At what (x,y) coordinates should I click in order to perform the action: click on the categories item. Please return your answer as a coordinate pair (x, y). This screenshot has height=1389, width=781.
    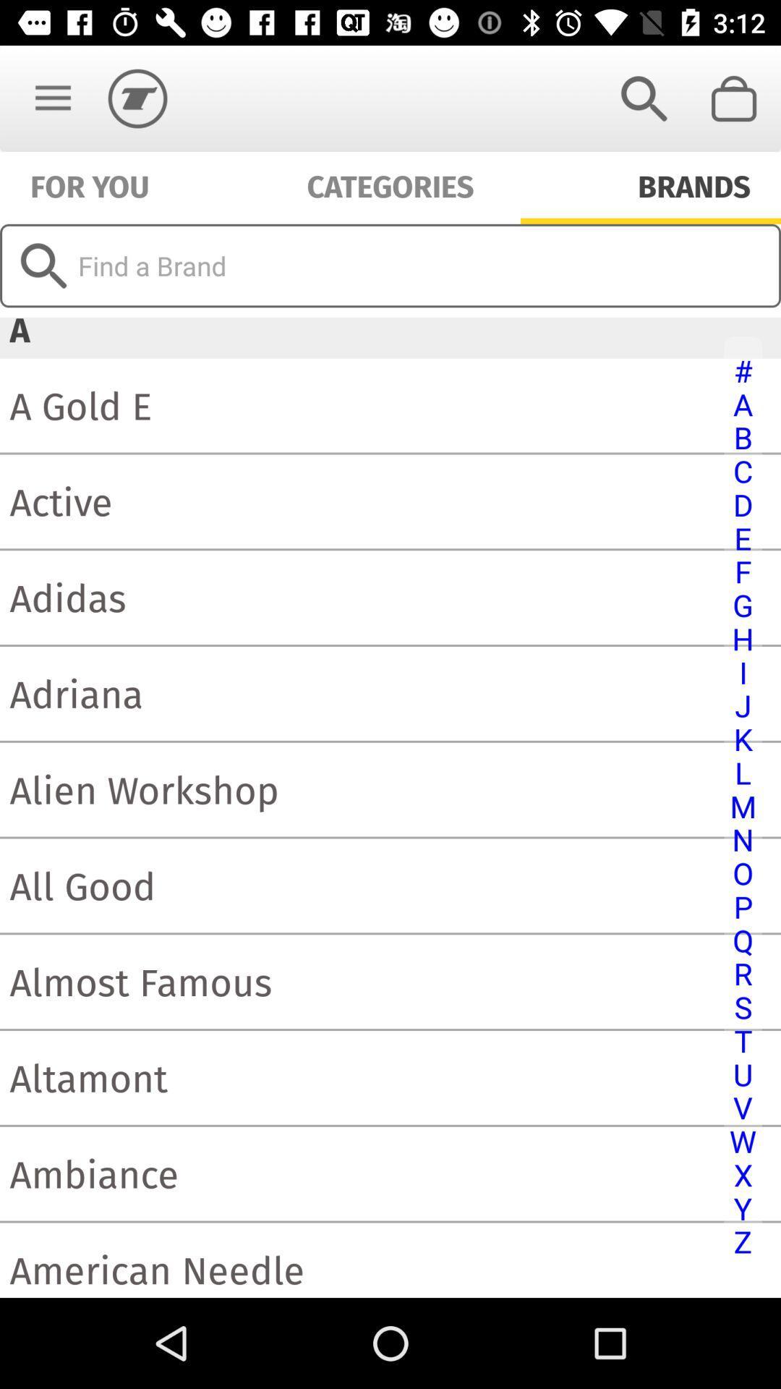
    Looking at the image, I should click on (390, 184).